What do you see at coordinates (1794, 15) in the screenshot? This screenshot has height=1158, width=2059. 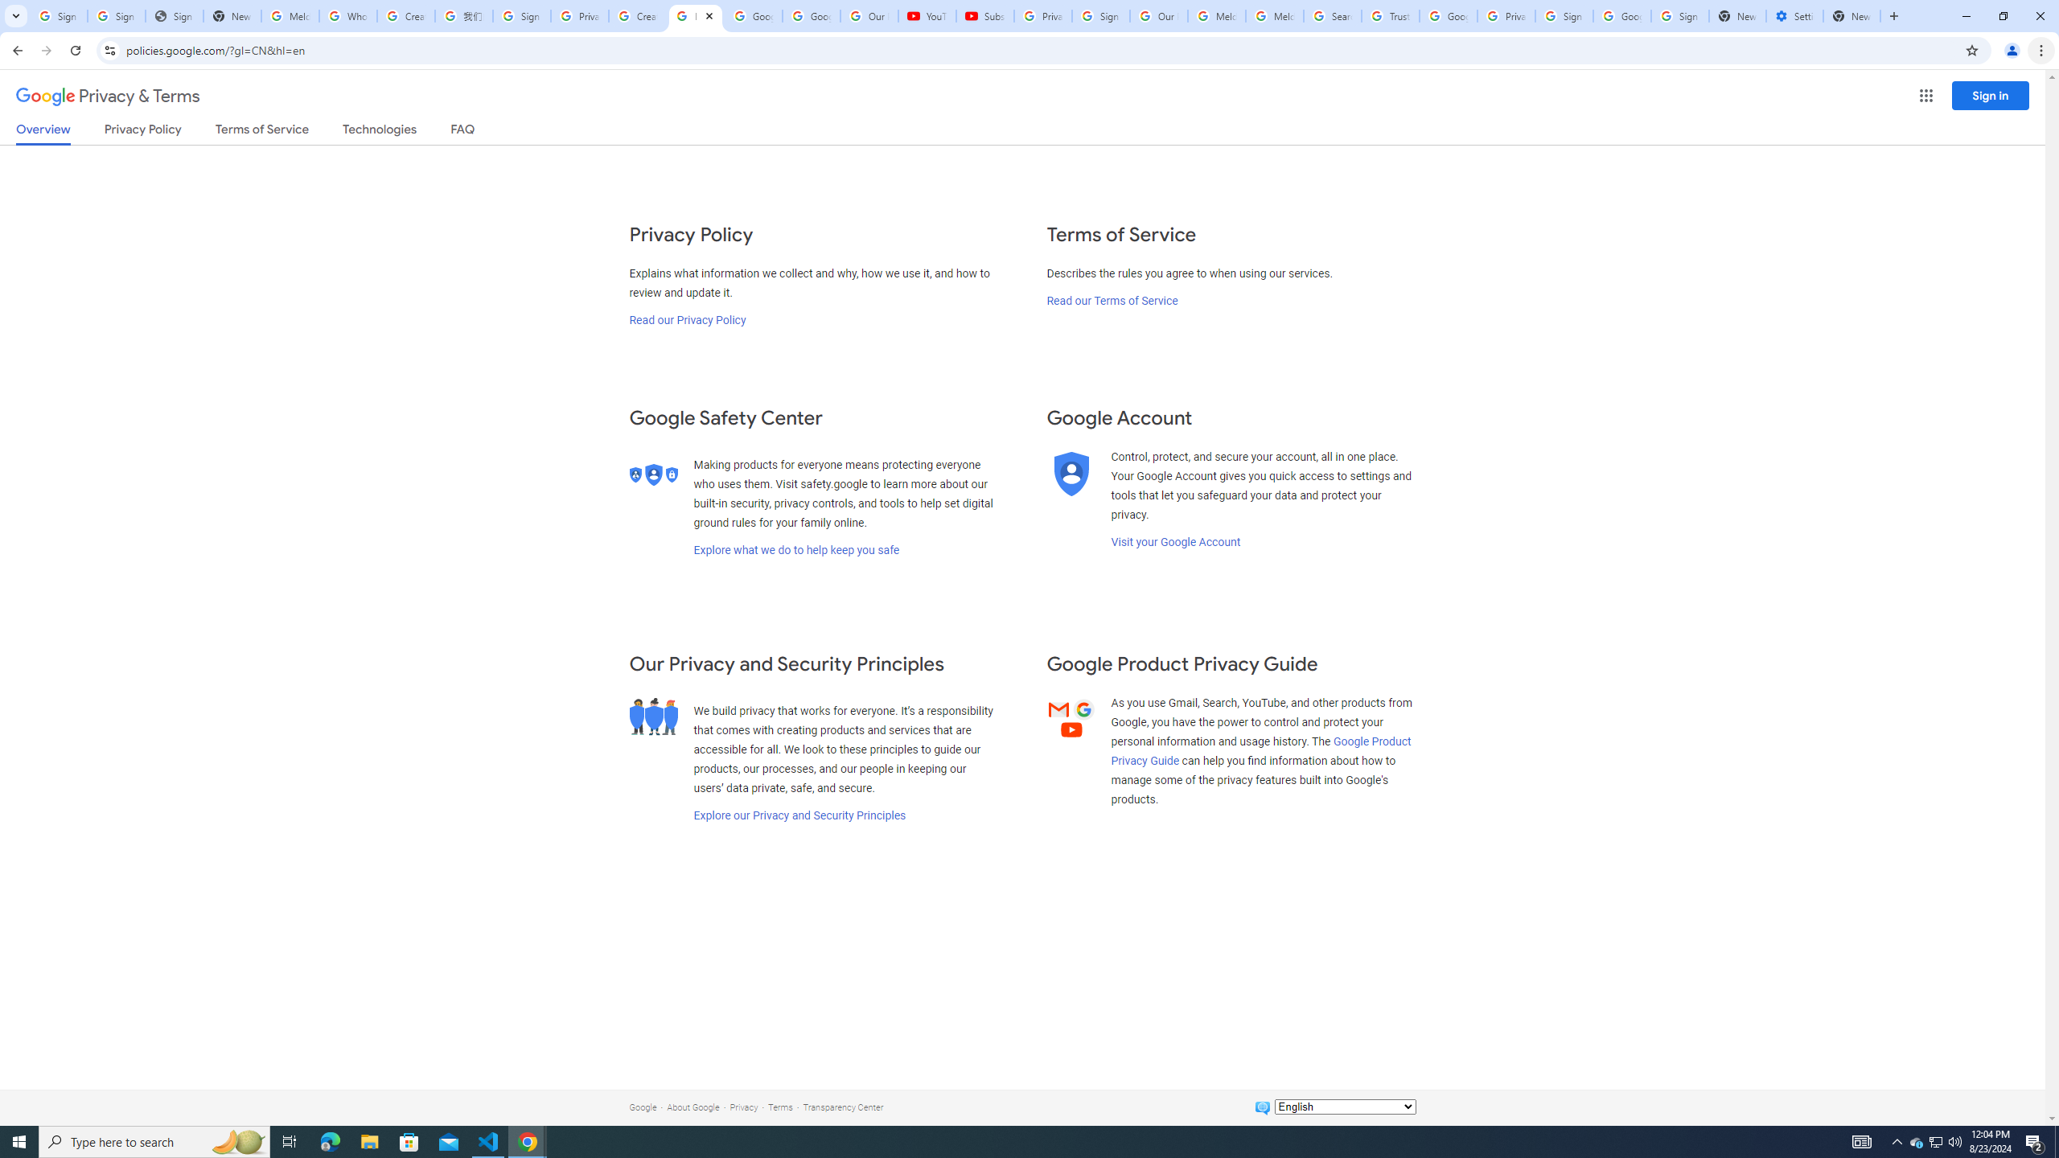 I see `'Settings - Addresses and more'` at bounding box center [1794, 15].